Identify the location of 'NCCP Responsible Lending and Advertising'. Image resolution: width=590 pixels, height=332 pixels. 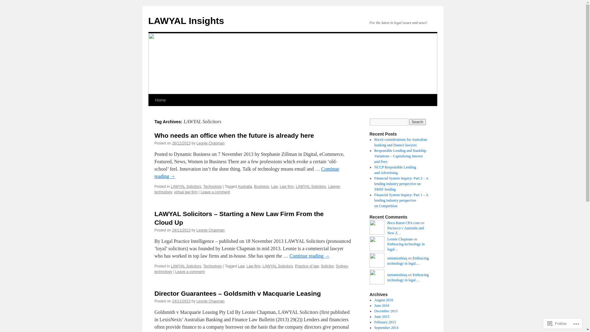
(395, 170).